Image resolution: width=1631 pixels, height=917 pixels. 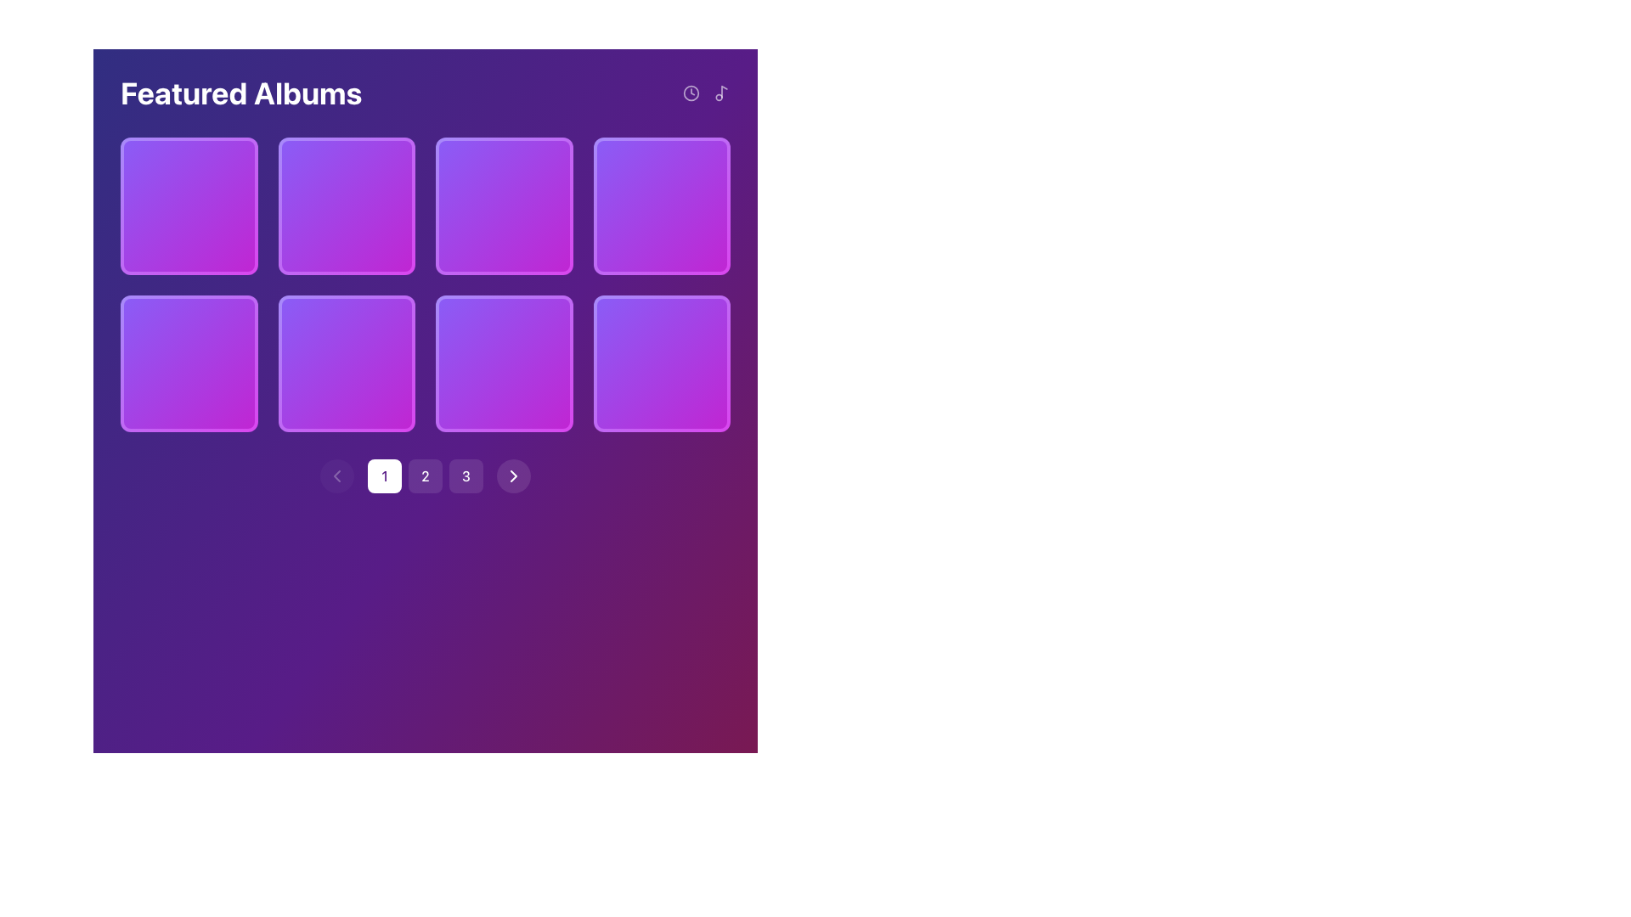 I want to click on the right-pointing chevron-shaped arrow button located in the bottom-right section of the pagination UI, so click(x=512, y=475).